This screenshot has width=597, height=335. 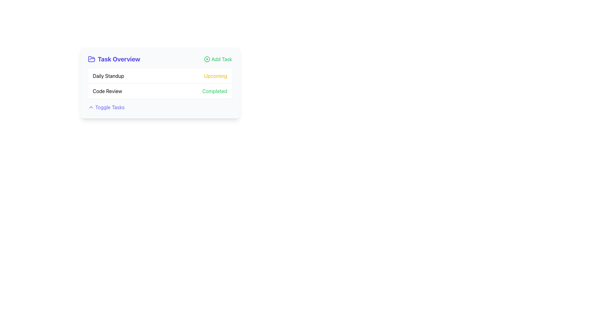 What do you see at coordinates (207, 59) in the screenshot?
I see `the '+' icon button located to the left of the 'Add Task' text` at bounding box center [207, 59].